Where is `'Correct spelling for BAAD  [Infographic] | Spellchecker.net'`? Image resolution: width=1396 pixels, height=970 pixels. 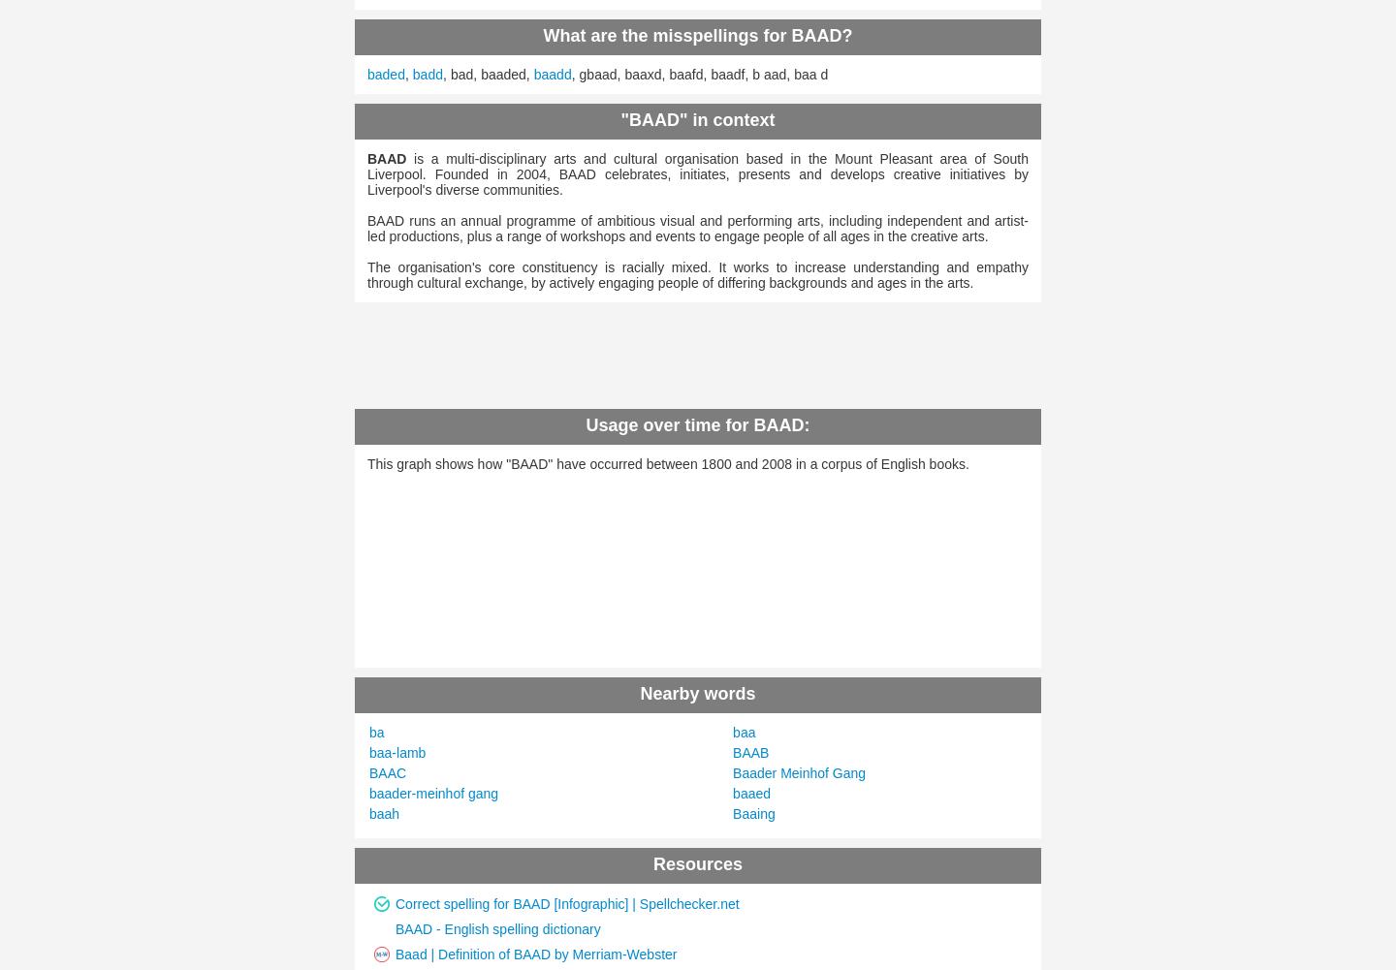
'Correct spelling for BAAD  [Infographic] | Spellchecker.net' is located at coordinates (566, 903).